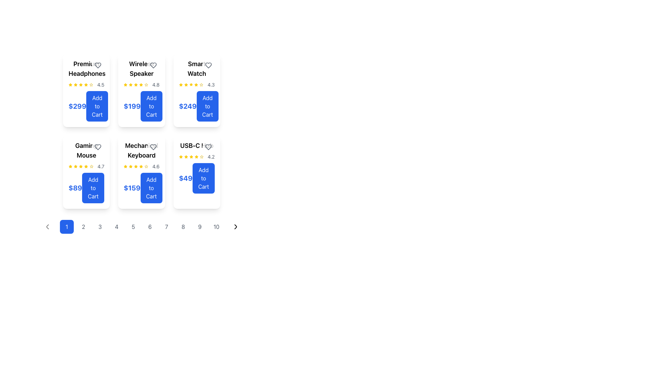 Image resolution: width=665 pixels, height=374 pixels. Describe the element at coordinates (181, 84) in the screenshot. I see `the third star icon in the rating UI component for the product 'Smart Watch', located in the top-right grid cell of the displayed product cards` at that location.